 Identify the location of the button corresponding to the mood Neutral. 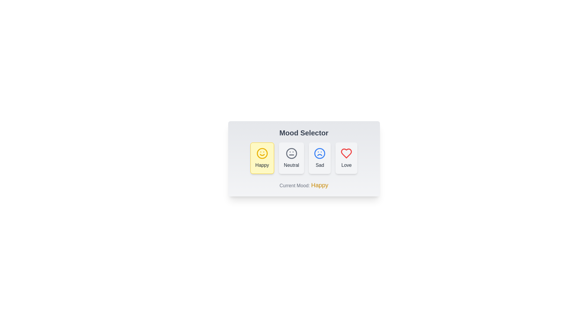
(291, 158).